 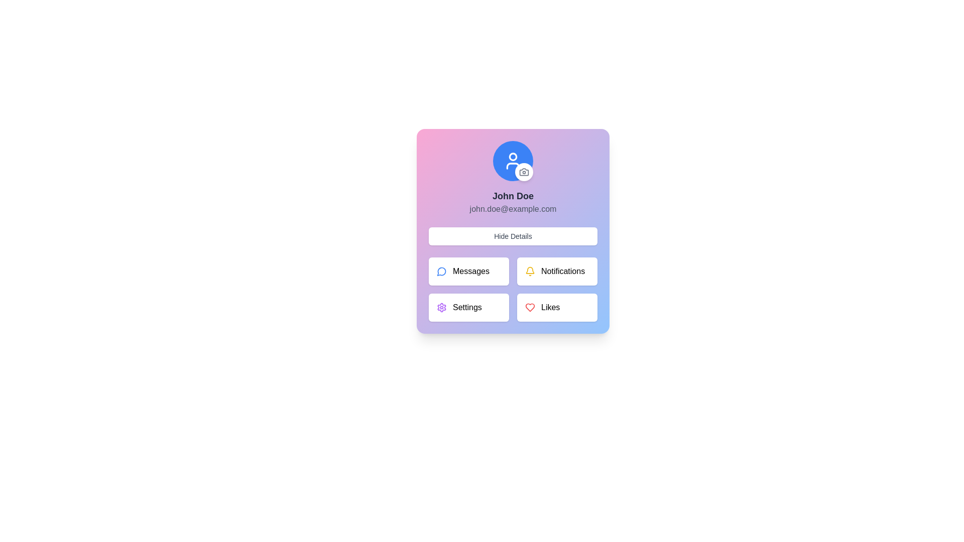 What do you see at coordinates (441, 307) in the screenshot?
I see `the gear-shaped icon button, which represents the settings option, located in the user profile modal` at bounding box center [441, 307].